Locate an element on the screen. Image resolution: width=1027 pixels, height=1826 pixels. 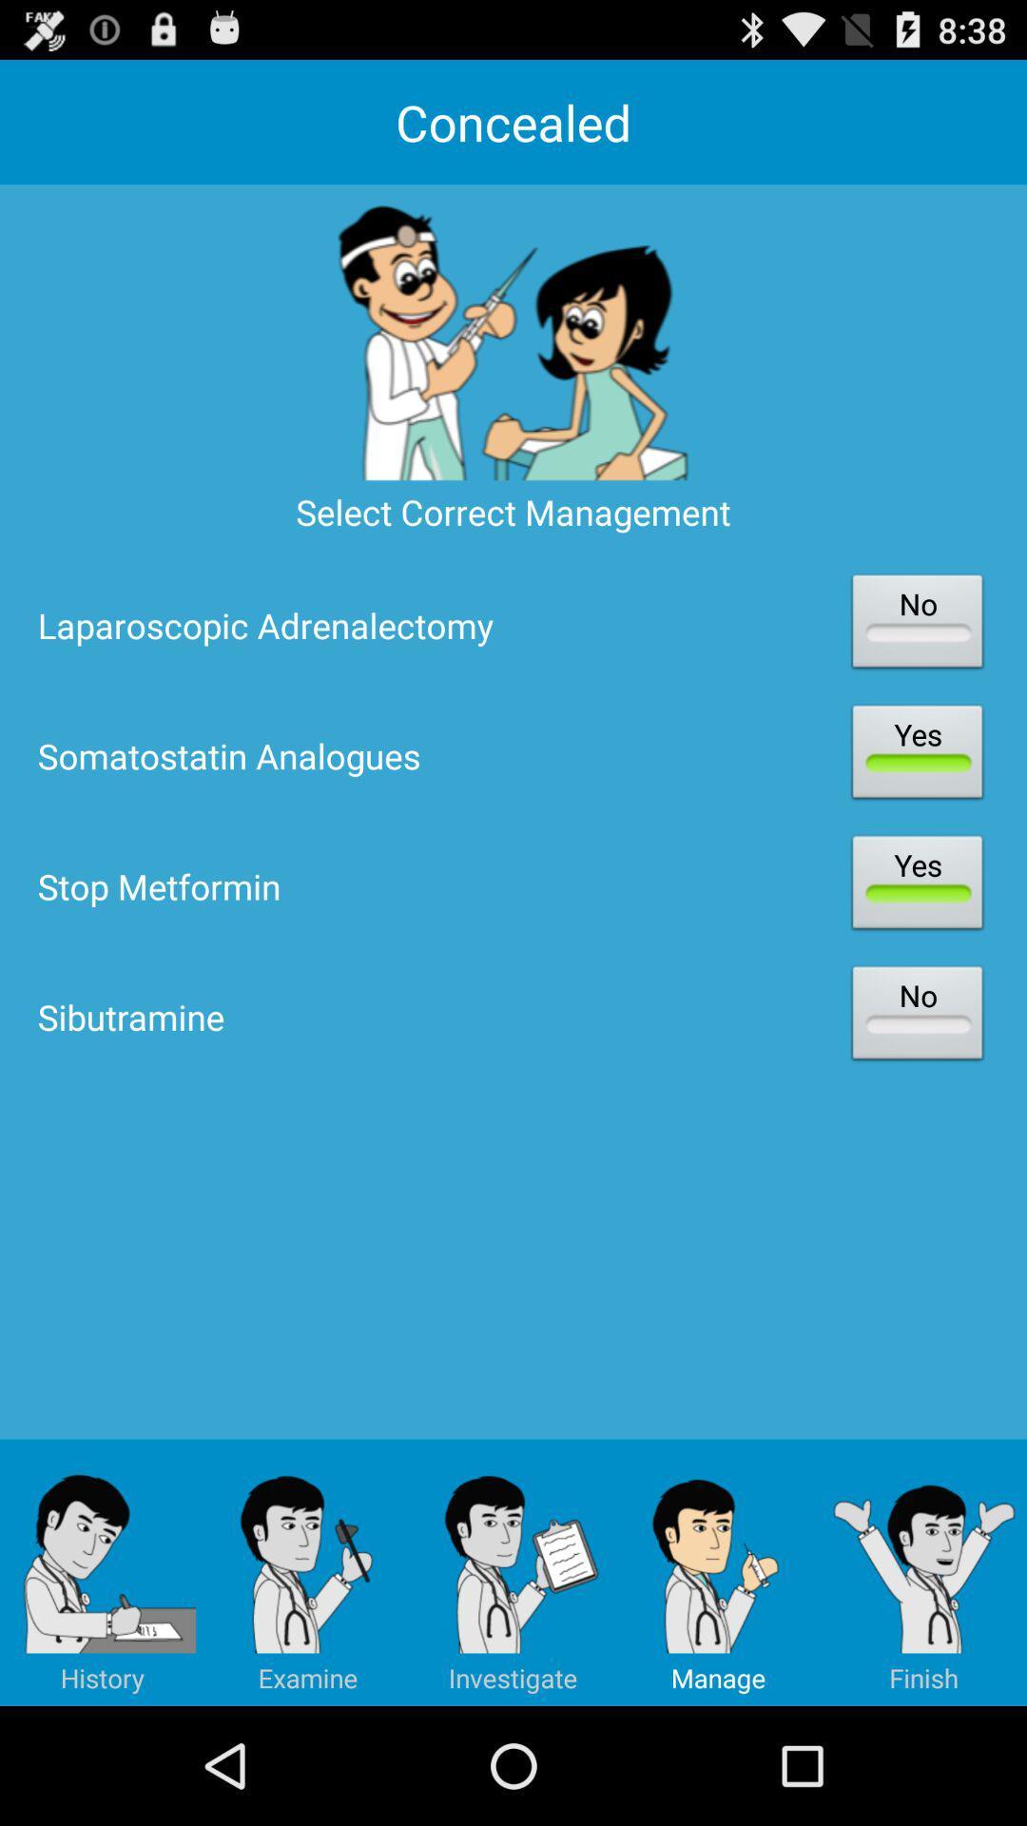
item below sibutramine is located at coordinates (103, 1572).